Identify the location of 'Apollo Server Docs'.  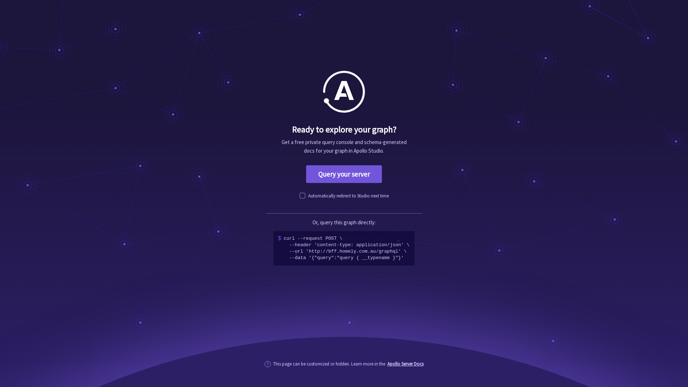
(405, 364).